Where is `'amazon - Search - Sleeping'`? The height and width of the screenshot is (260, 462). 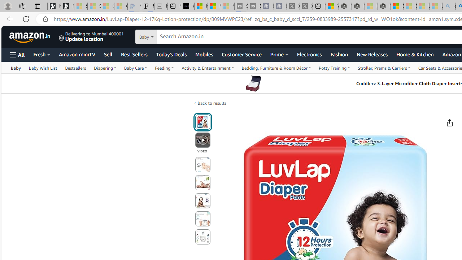 'amazon - Search - Sleeping' is located at coordinates (449, 6).